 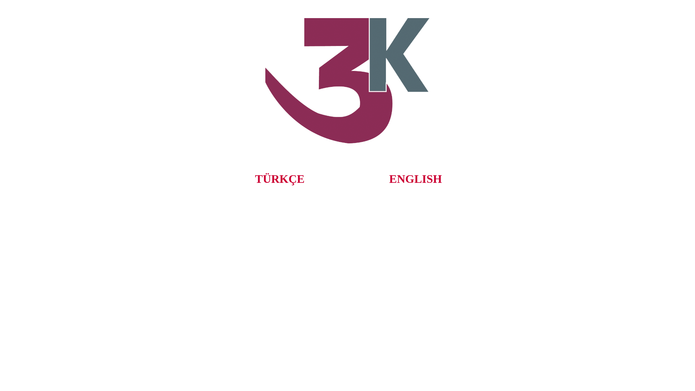 I want to click on 'ENGLISH', so click(x=415, y=178).